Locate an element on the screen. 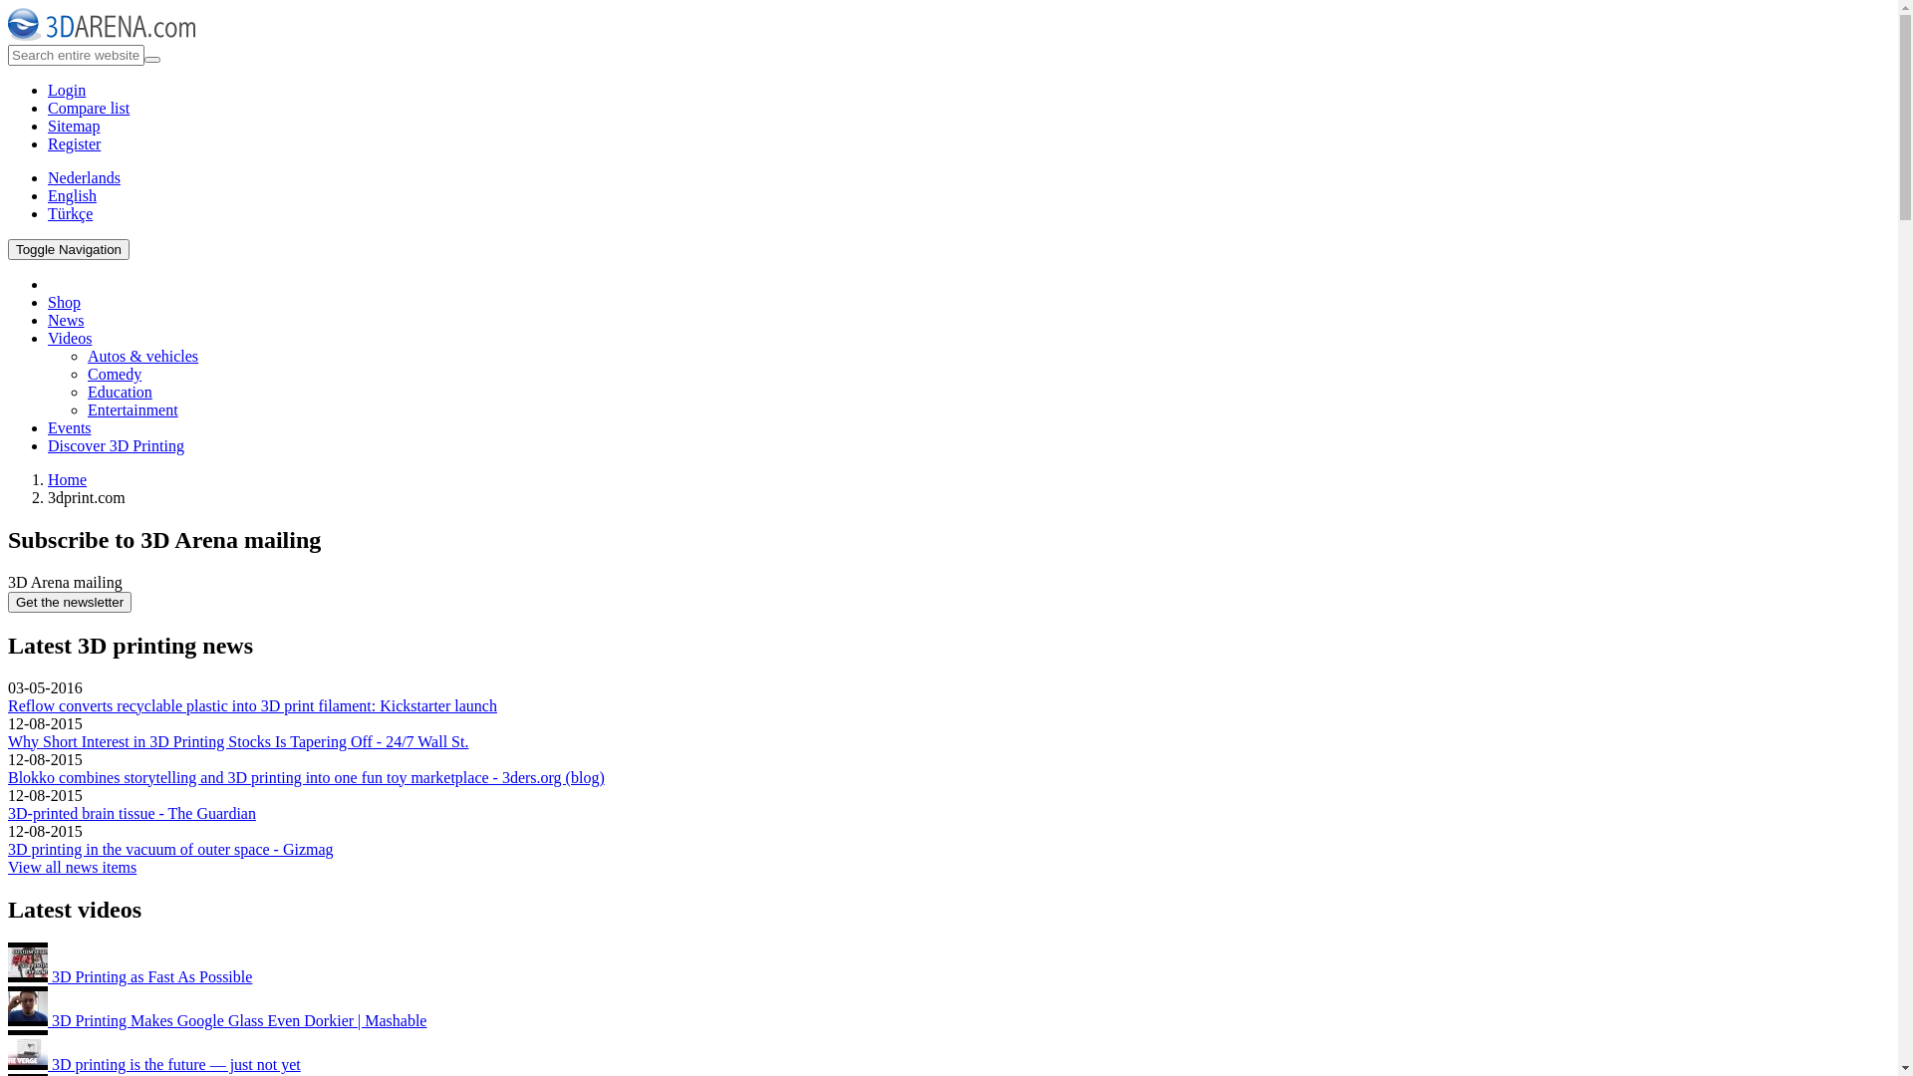 Image resolution: width=1913 pixels, height=1076 pixels. '3D-printed brain tissue - The Guardian' is located at coordinates (131, 813).